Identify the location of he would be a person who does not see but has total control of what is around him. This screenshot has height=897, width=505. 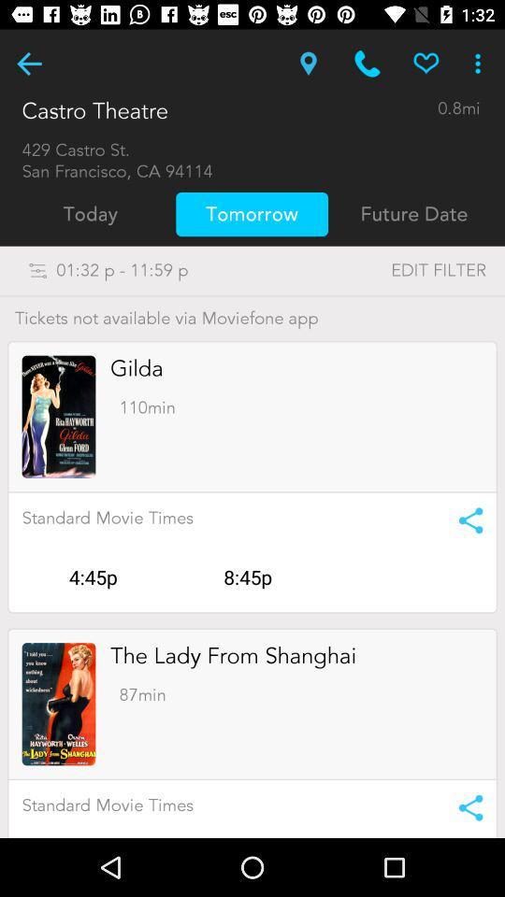
(28, 64).